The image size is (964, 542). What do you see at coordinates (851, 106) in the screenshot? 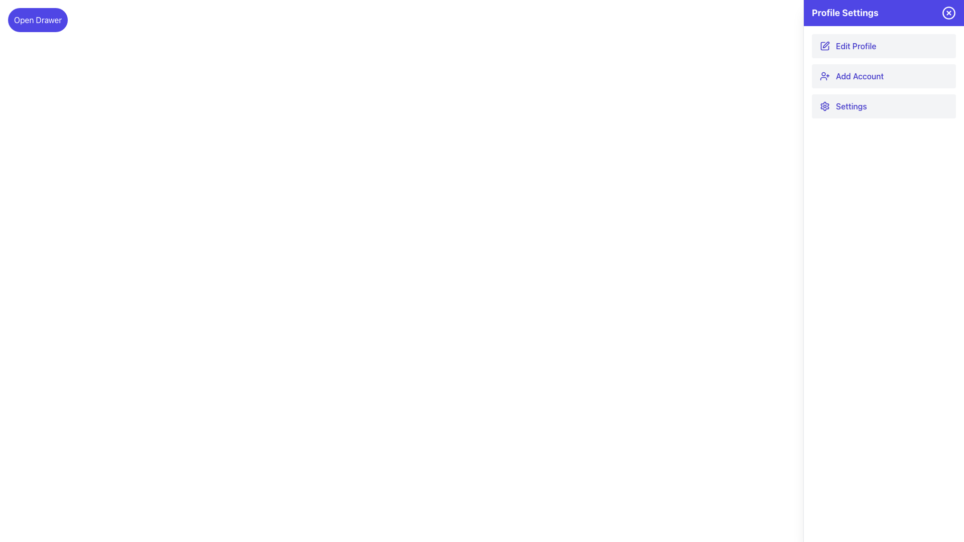
I see `the 'Settings' menu option label, which is the third item in the vertical list within the 'Profile Settings' section, located between 'Add Account' and the bottom of the settings section` at bounding box center [851, 106].